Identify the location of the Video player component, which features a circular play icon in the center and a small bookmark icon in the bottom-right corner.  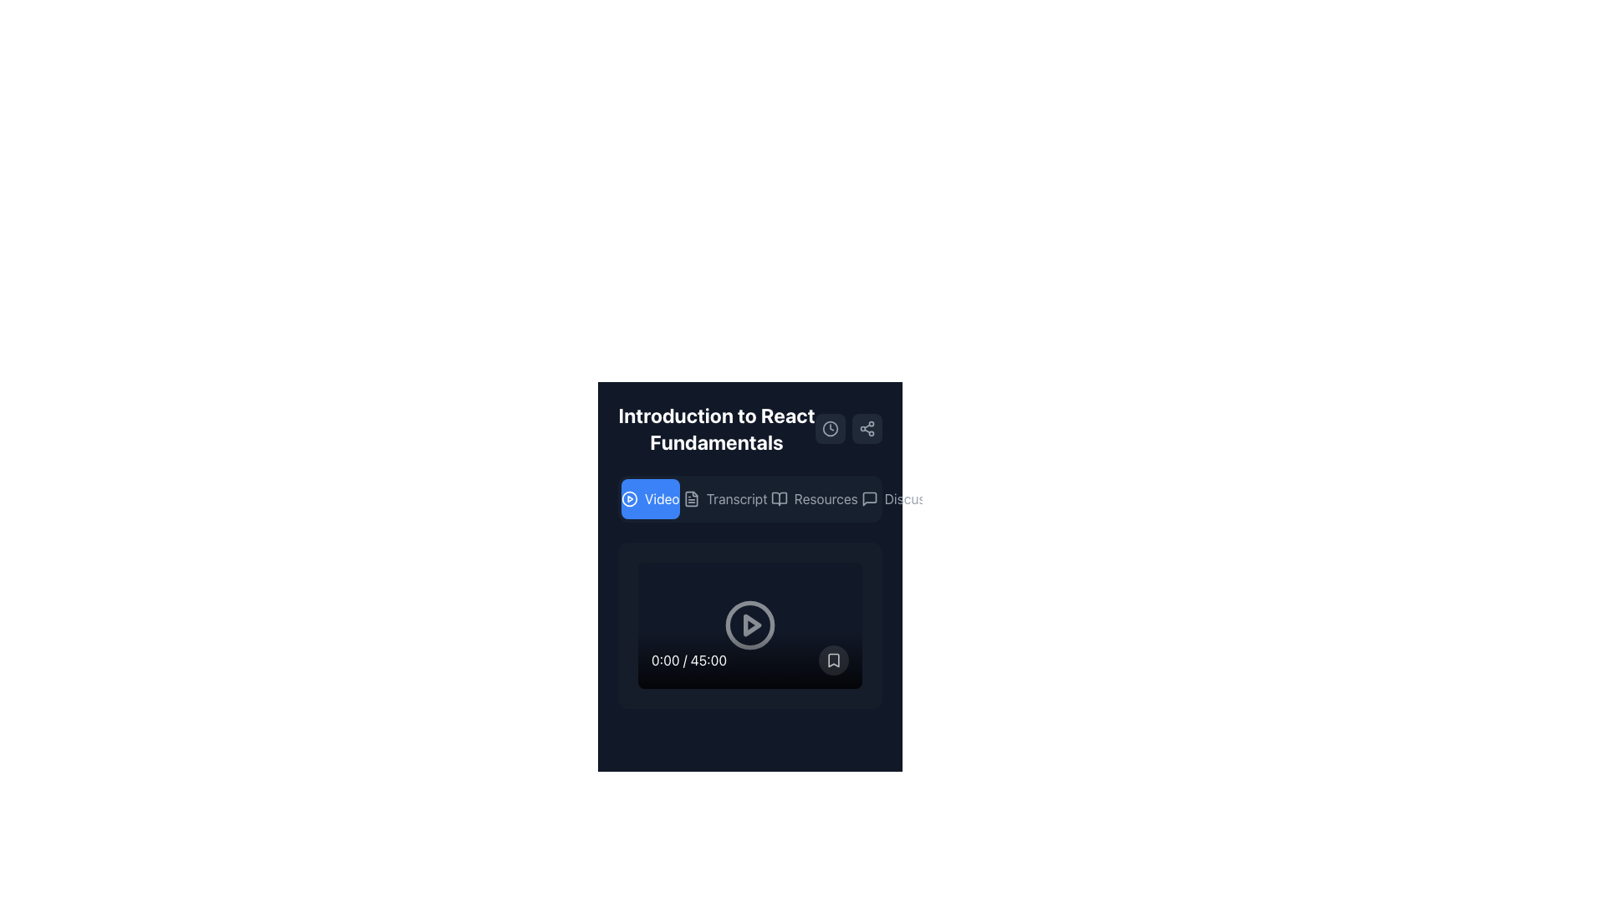
(749, 625).